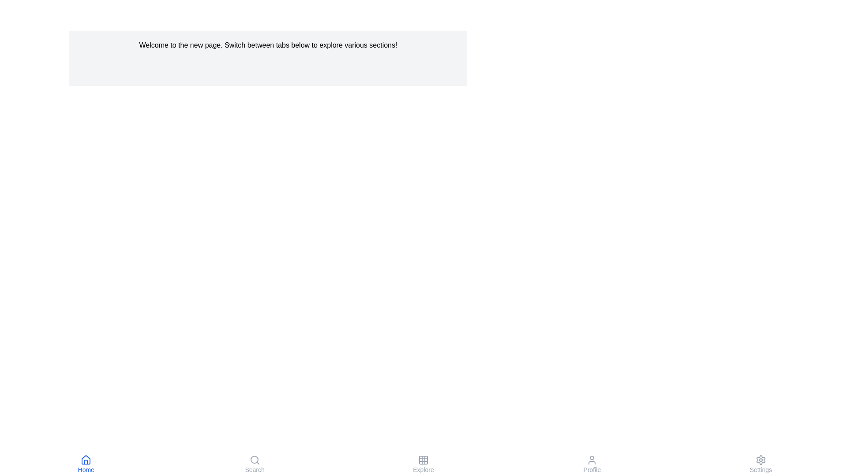  Describe the element at coordinates (86, 469) in the screenshot. I see `the 'Home' text label, which is displayed in a small-sized font and blue color, positioned below the home icon in the bottom navigation bar` at that location.